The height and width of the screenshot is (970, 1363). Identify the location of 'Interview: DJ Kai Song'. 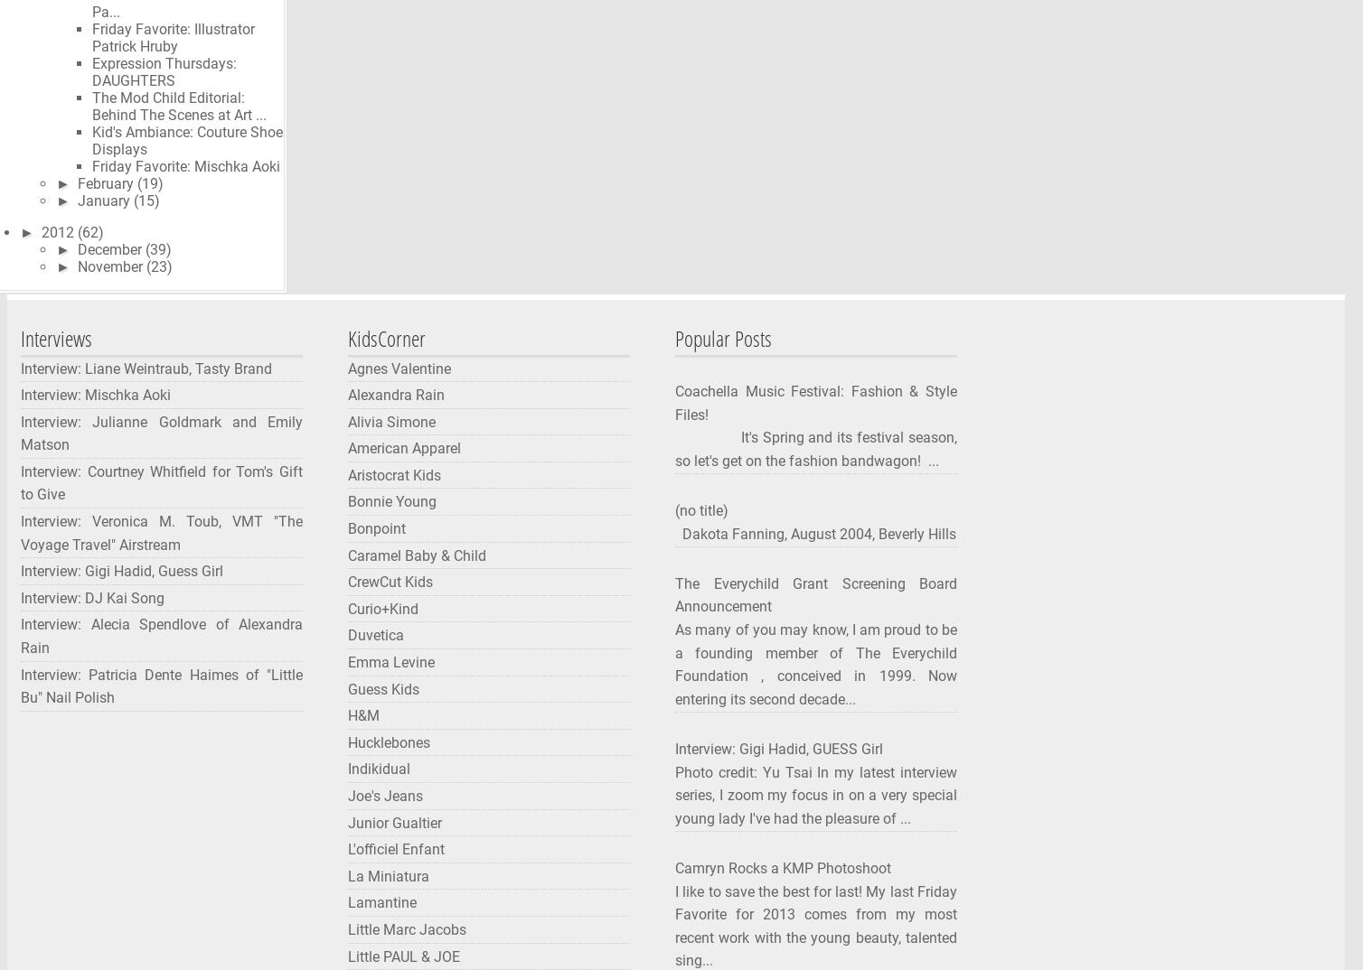
(21, 596).